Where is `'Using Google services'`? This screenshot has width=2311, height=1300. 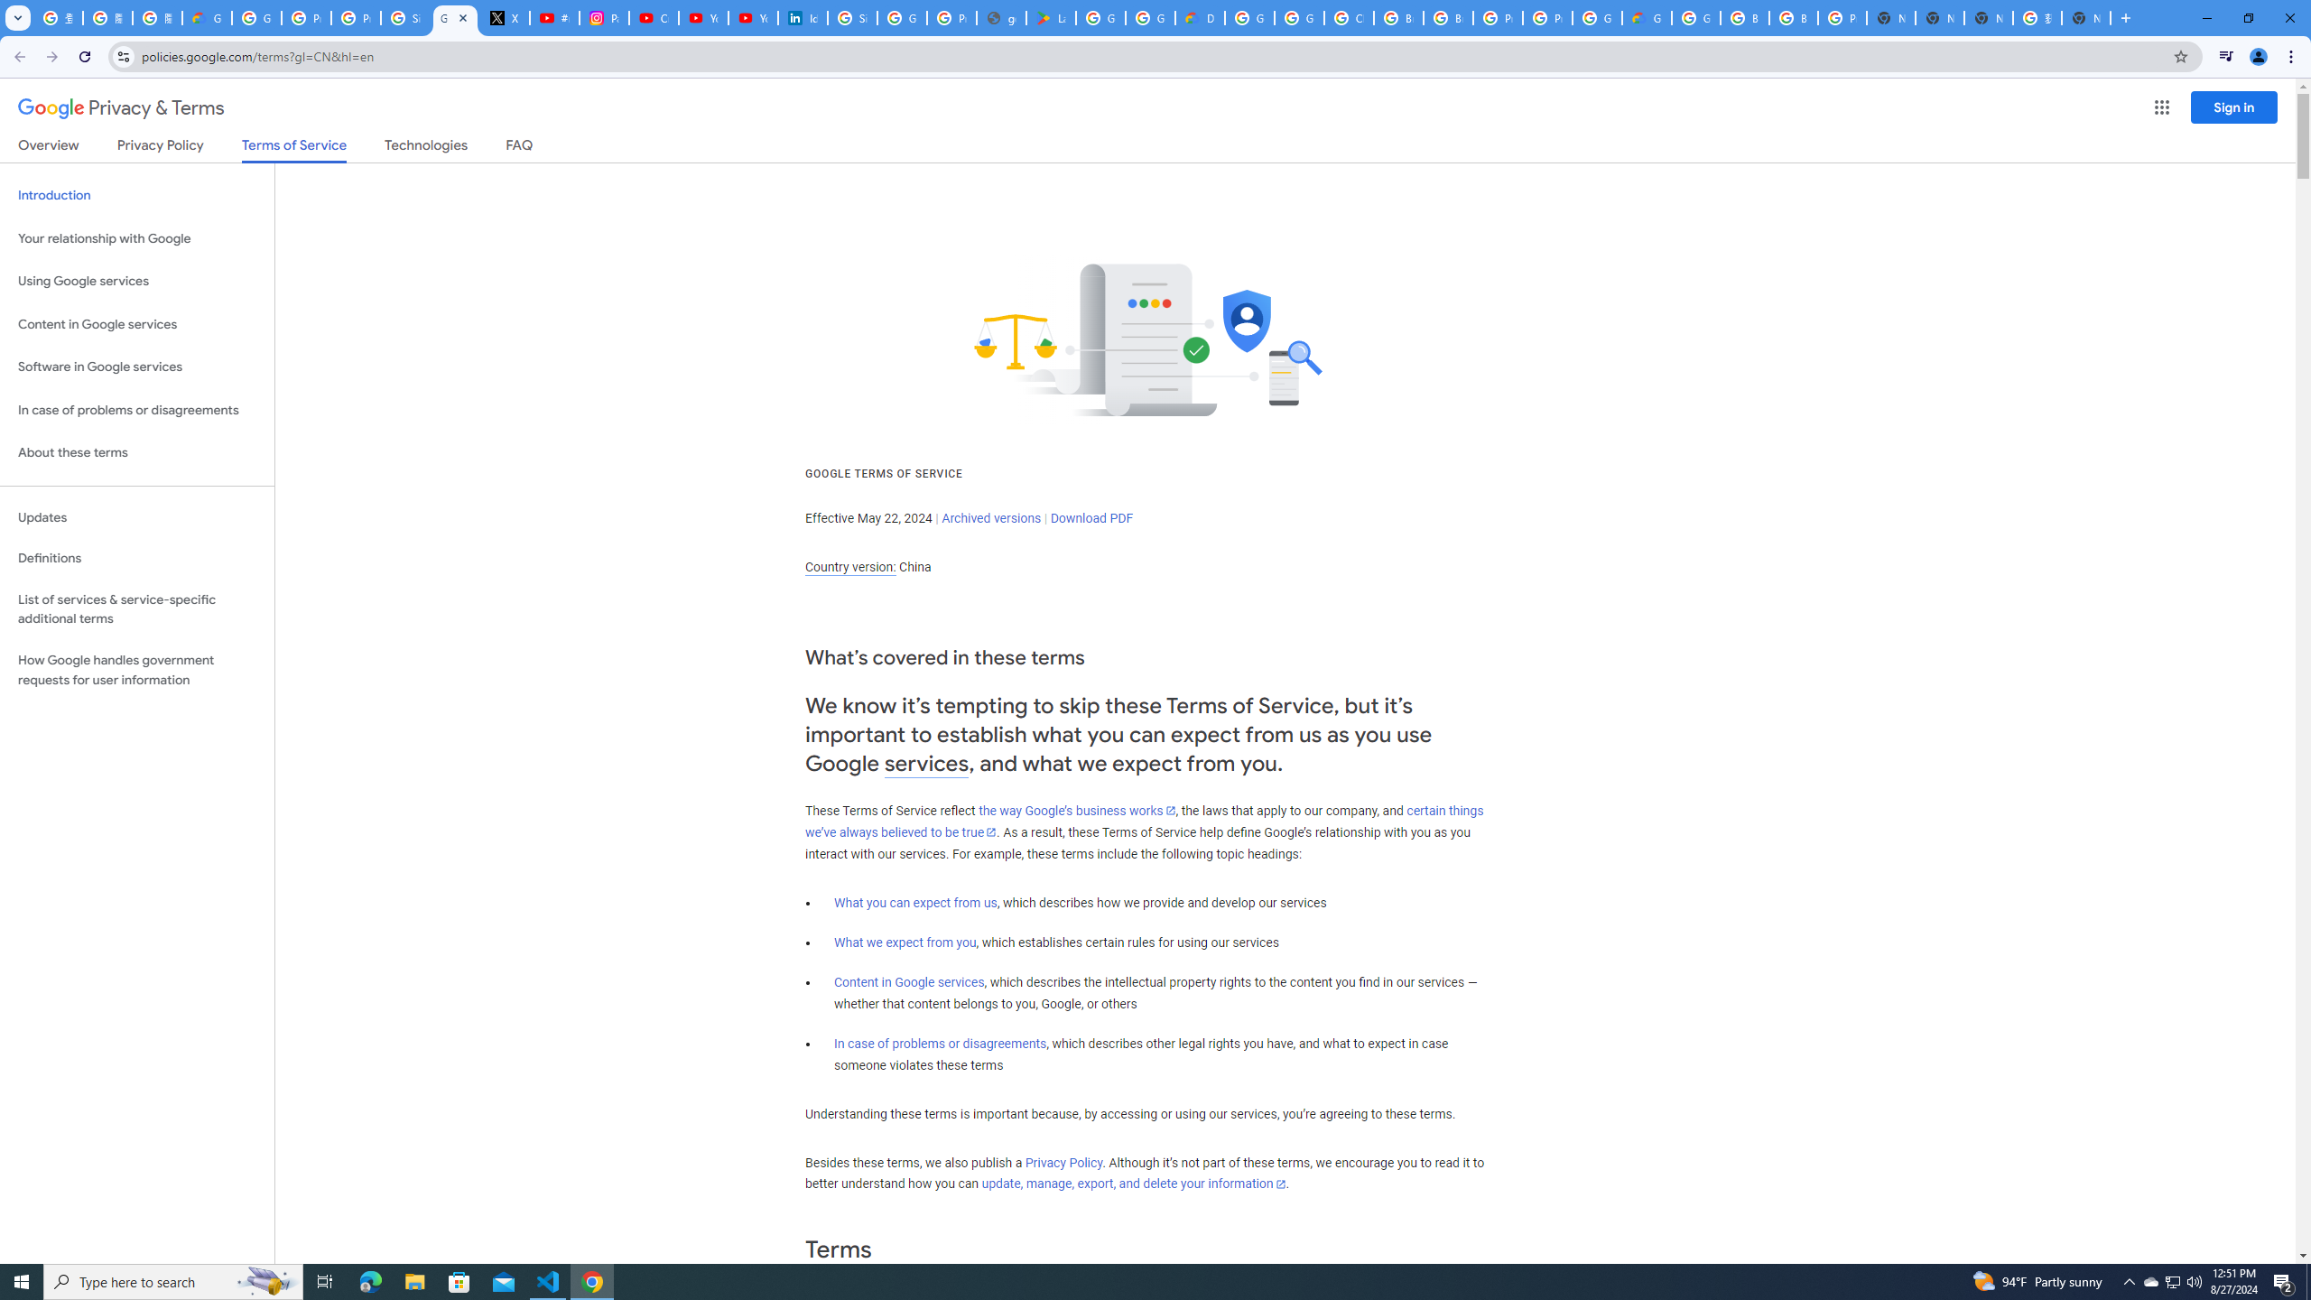
'Using Google services' is located at coordinates (136, 280).